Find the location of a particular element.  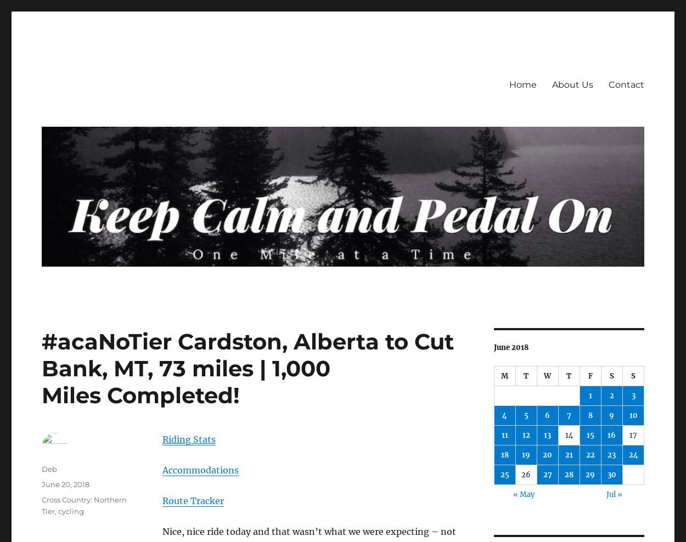

'6' is located at coordinates (547, 415).